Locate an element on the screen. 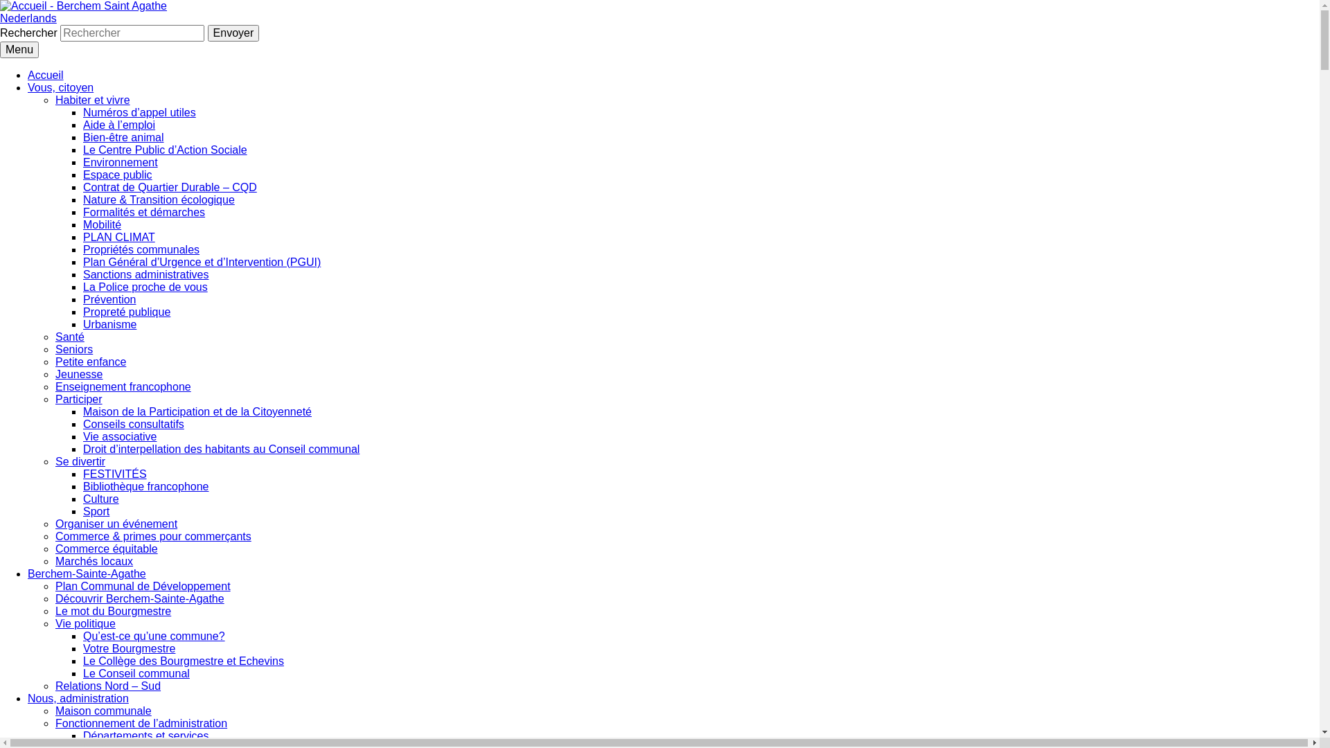 The image size is (1330, 748). 'Vous, citoyen' is located at coordinates (60, 87).